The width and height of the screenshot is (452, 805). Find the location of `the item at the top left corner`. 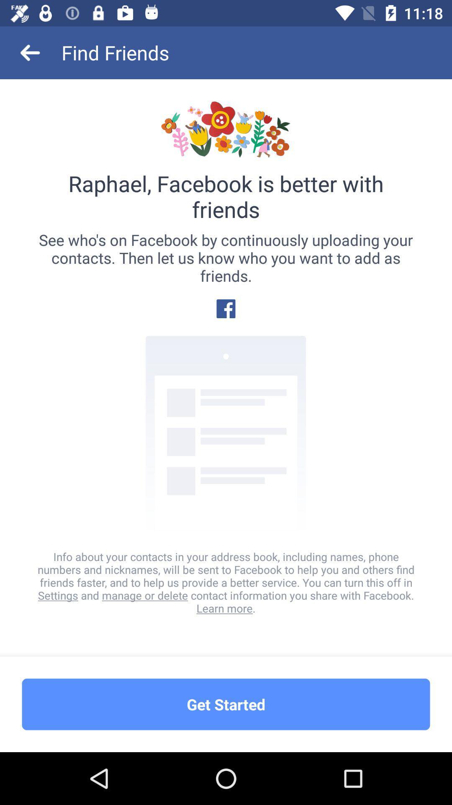

the item at the top left corner is located at coordinates (30, 52).